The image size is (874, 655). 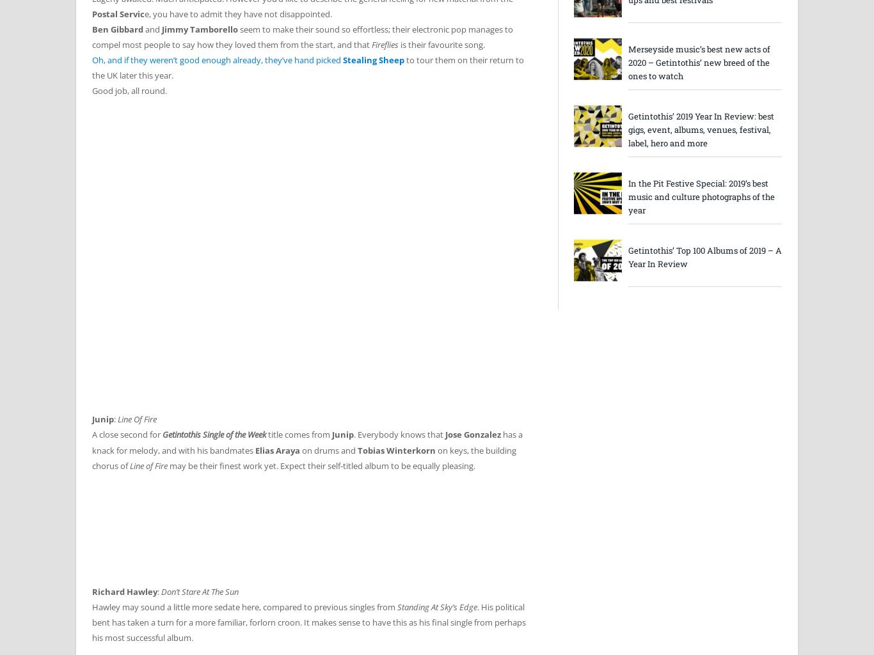 What do you see at coordinates (372, 59) in the screenshot?
I see `'Stealing Sheep'` at bounding box center [372, 59].